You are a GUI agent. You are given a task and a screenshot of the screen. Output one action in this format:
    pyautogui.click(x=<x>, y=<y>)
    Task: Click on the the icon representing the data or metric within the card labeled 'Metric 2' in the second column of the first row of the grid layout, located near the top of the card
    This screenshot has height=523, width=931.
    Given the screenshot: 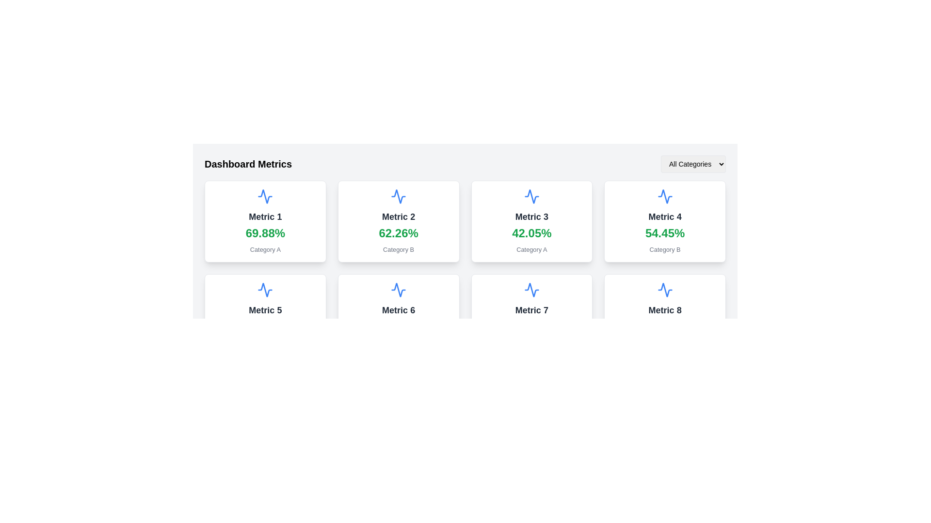 What is the action you would take?
    pyautogui.click(x=399, y=196)
    